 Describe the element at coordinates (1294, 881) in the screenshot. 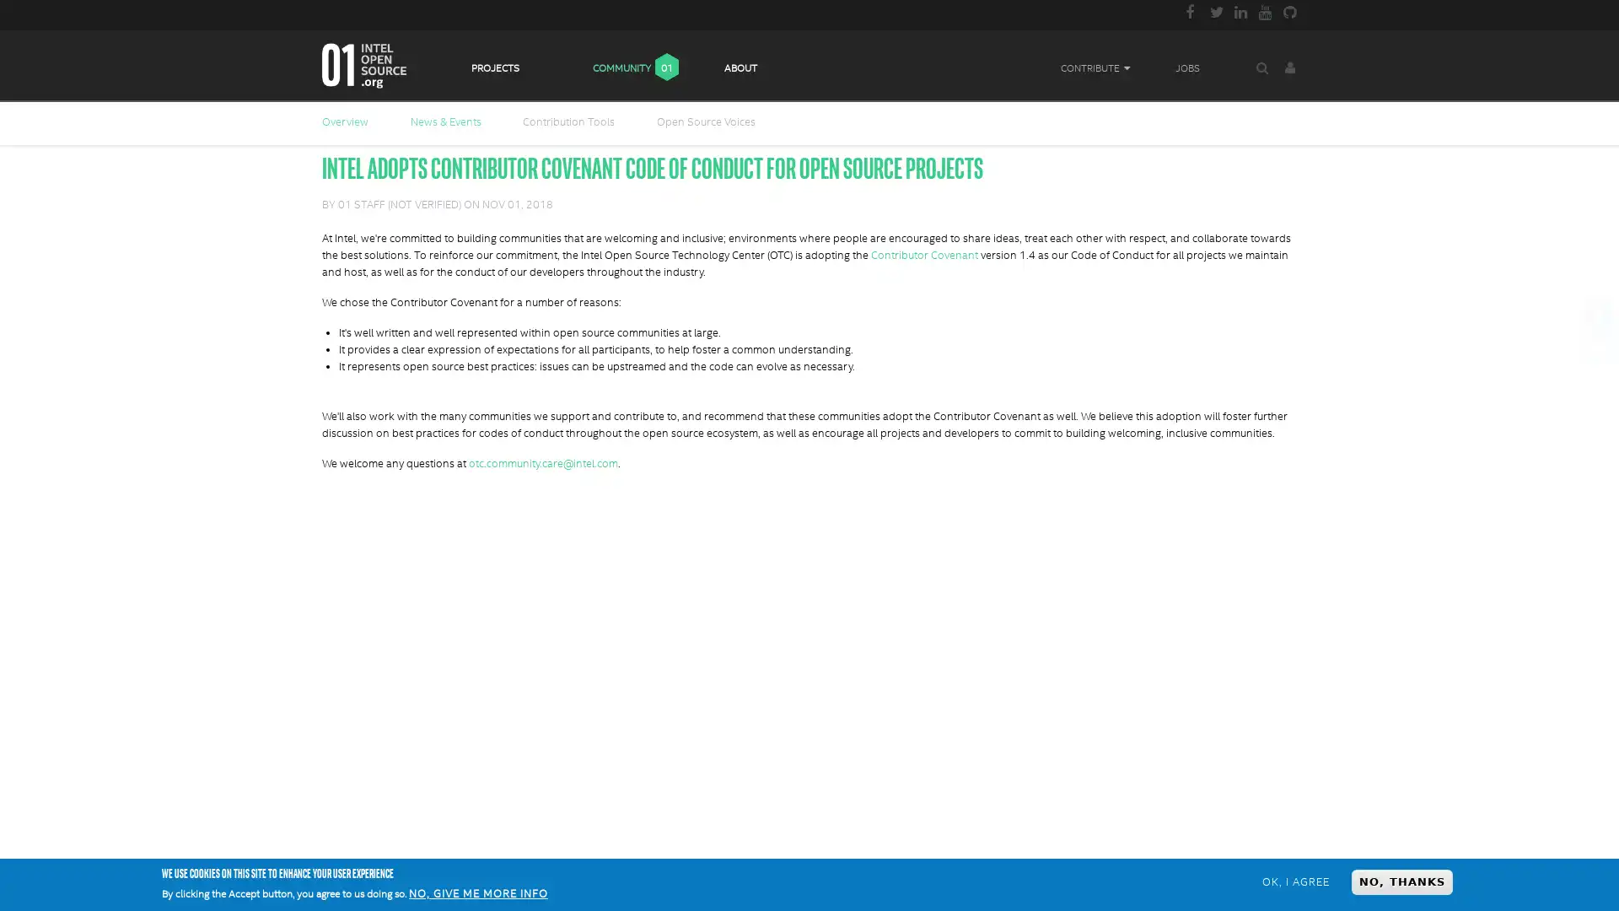

I see `OK, I AGREE` at that location.